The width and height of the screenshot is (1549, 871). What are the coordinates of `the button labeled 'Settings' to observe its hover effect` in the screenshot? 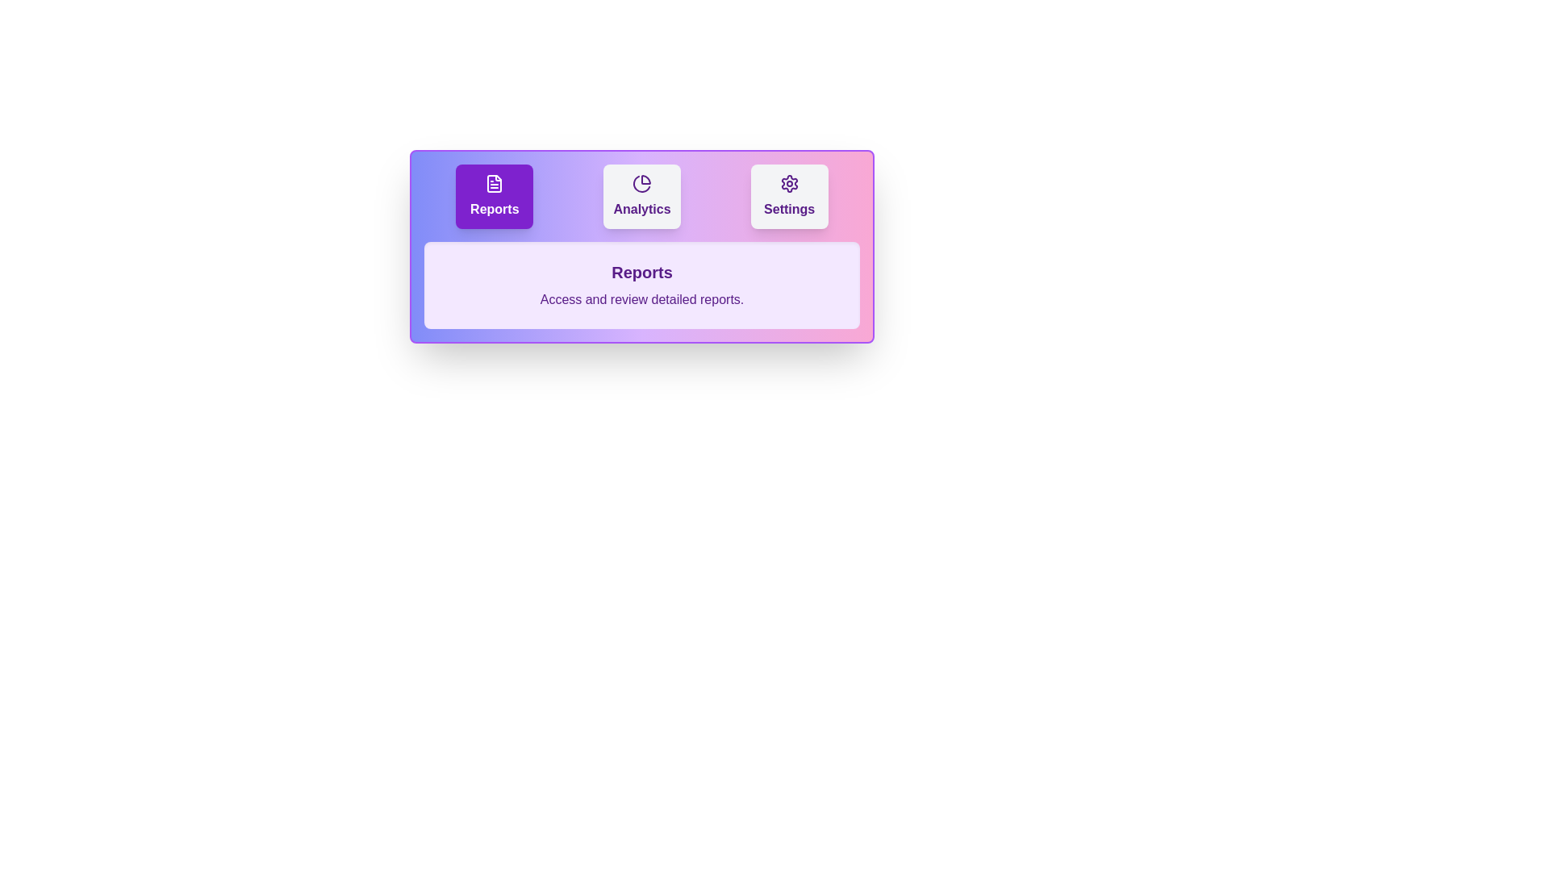 It's located at (789, 195).